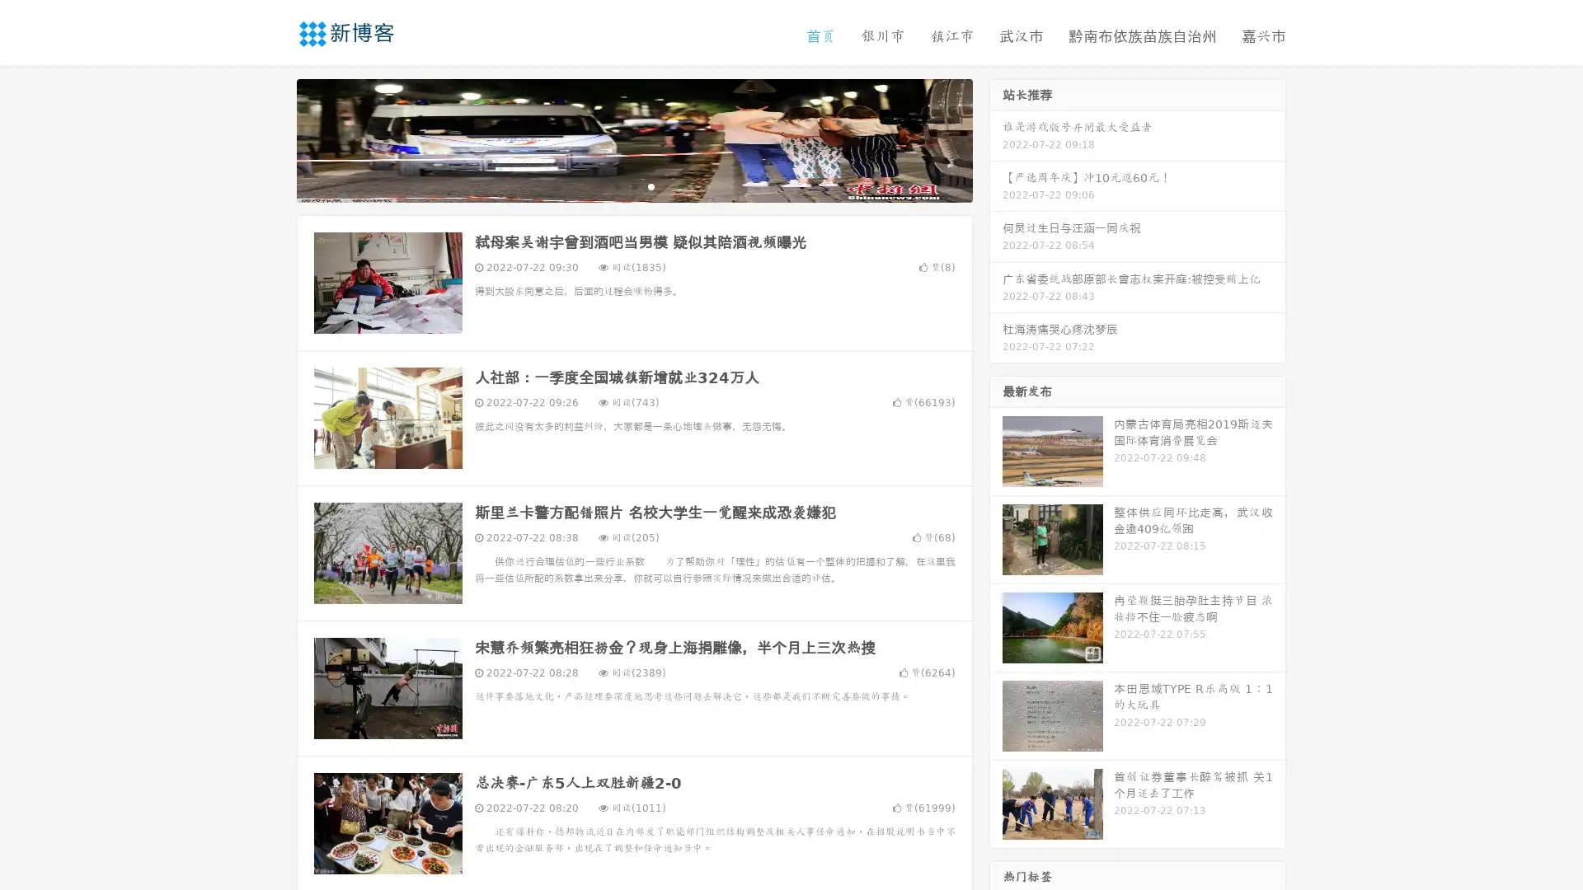 The width and height of the screenshot is (1583, 890). What do you see at coordinates (617, 185) in the screenshot?
I see `Go to slide 1` at bounding box center [617, 185].